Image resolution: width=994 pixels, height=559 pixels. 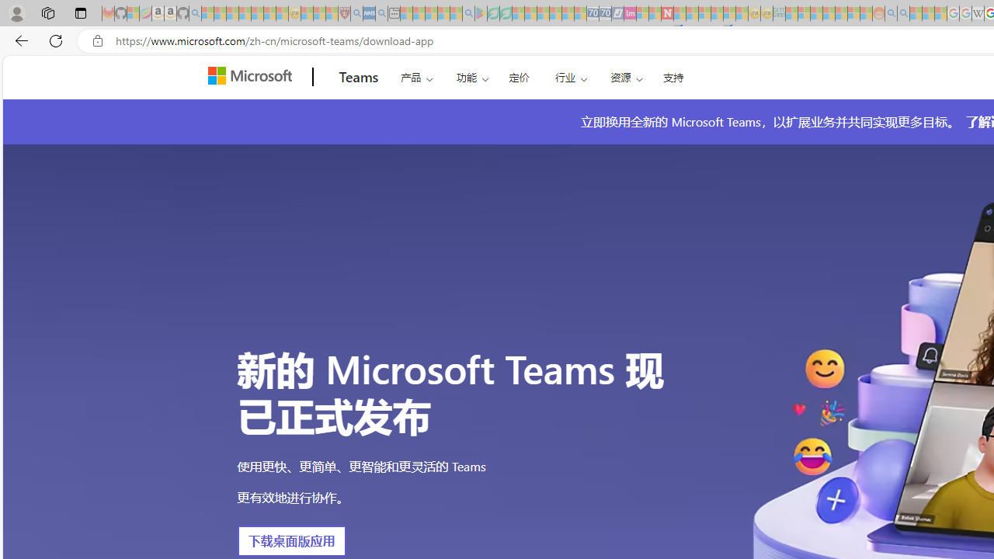 I want to click on '14 Common Myths Debunked By Scientific Facts - Sleeping', so click(x=691, y=13).